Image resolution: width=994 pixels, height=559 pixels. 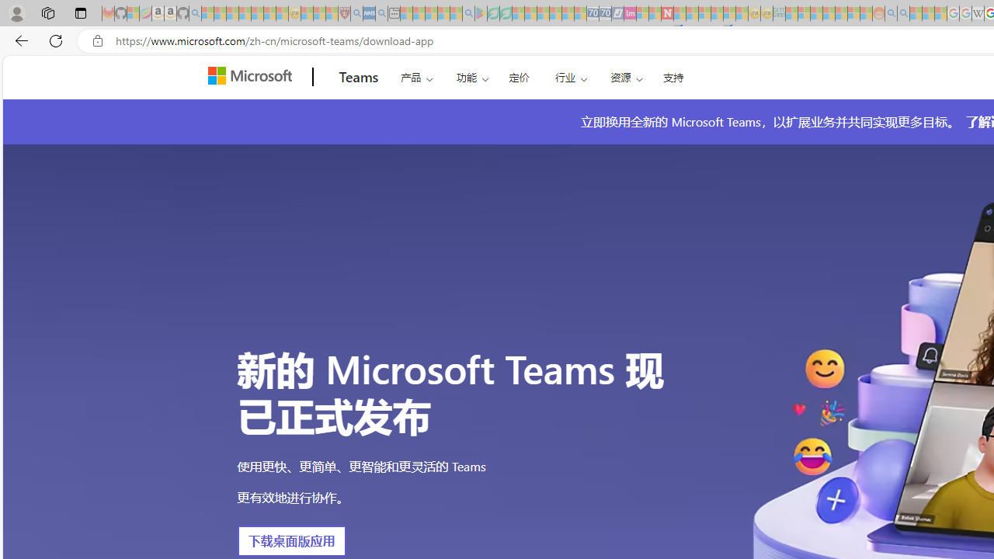 I want to click on '14 Common Myths Debunked By Scientific Facts - Sleeping', so click(x=691, y=13).